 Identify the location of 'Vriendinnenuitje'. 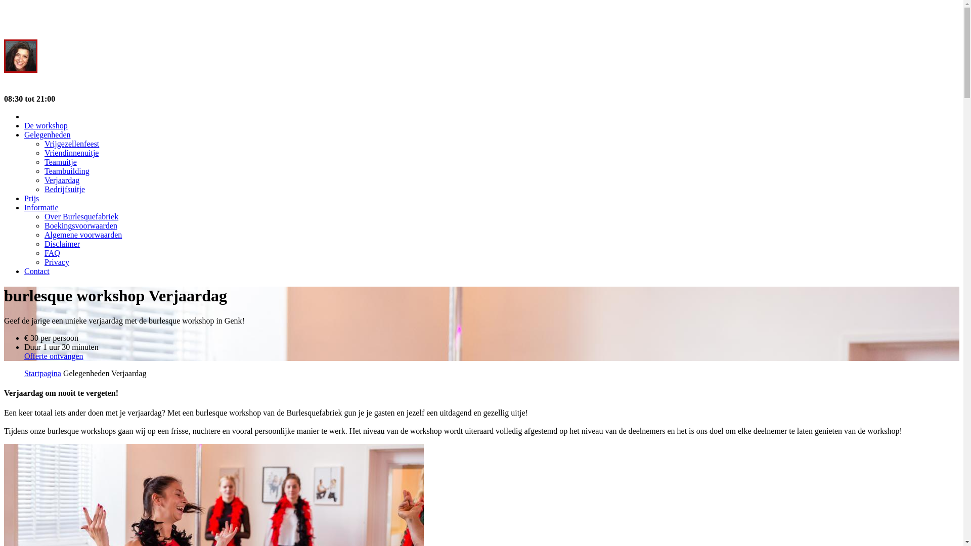
(71, 153).